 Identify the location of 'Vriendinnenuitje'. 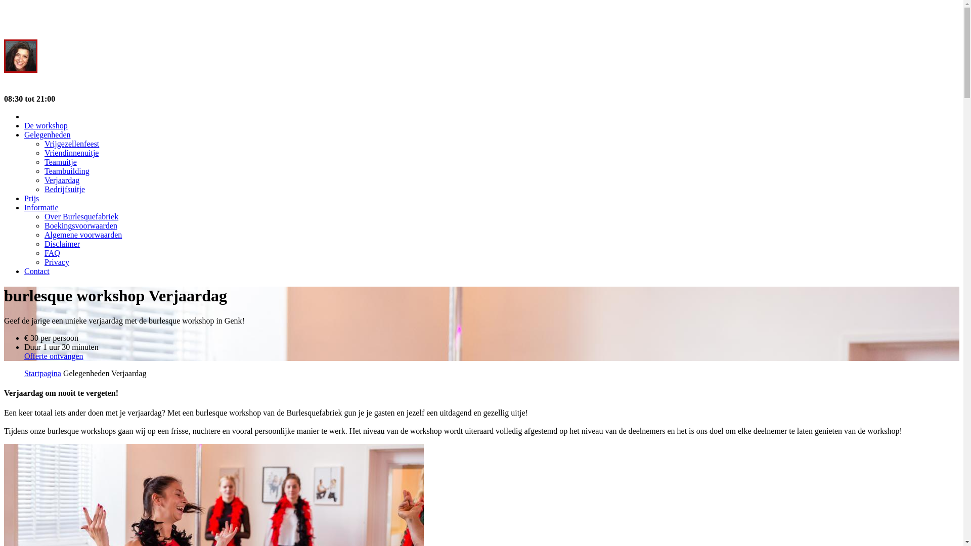
(71, 153).